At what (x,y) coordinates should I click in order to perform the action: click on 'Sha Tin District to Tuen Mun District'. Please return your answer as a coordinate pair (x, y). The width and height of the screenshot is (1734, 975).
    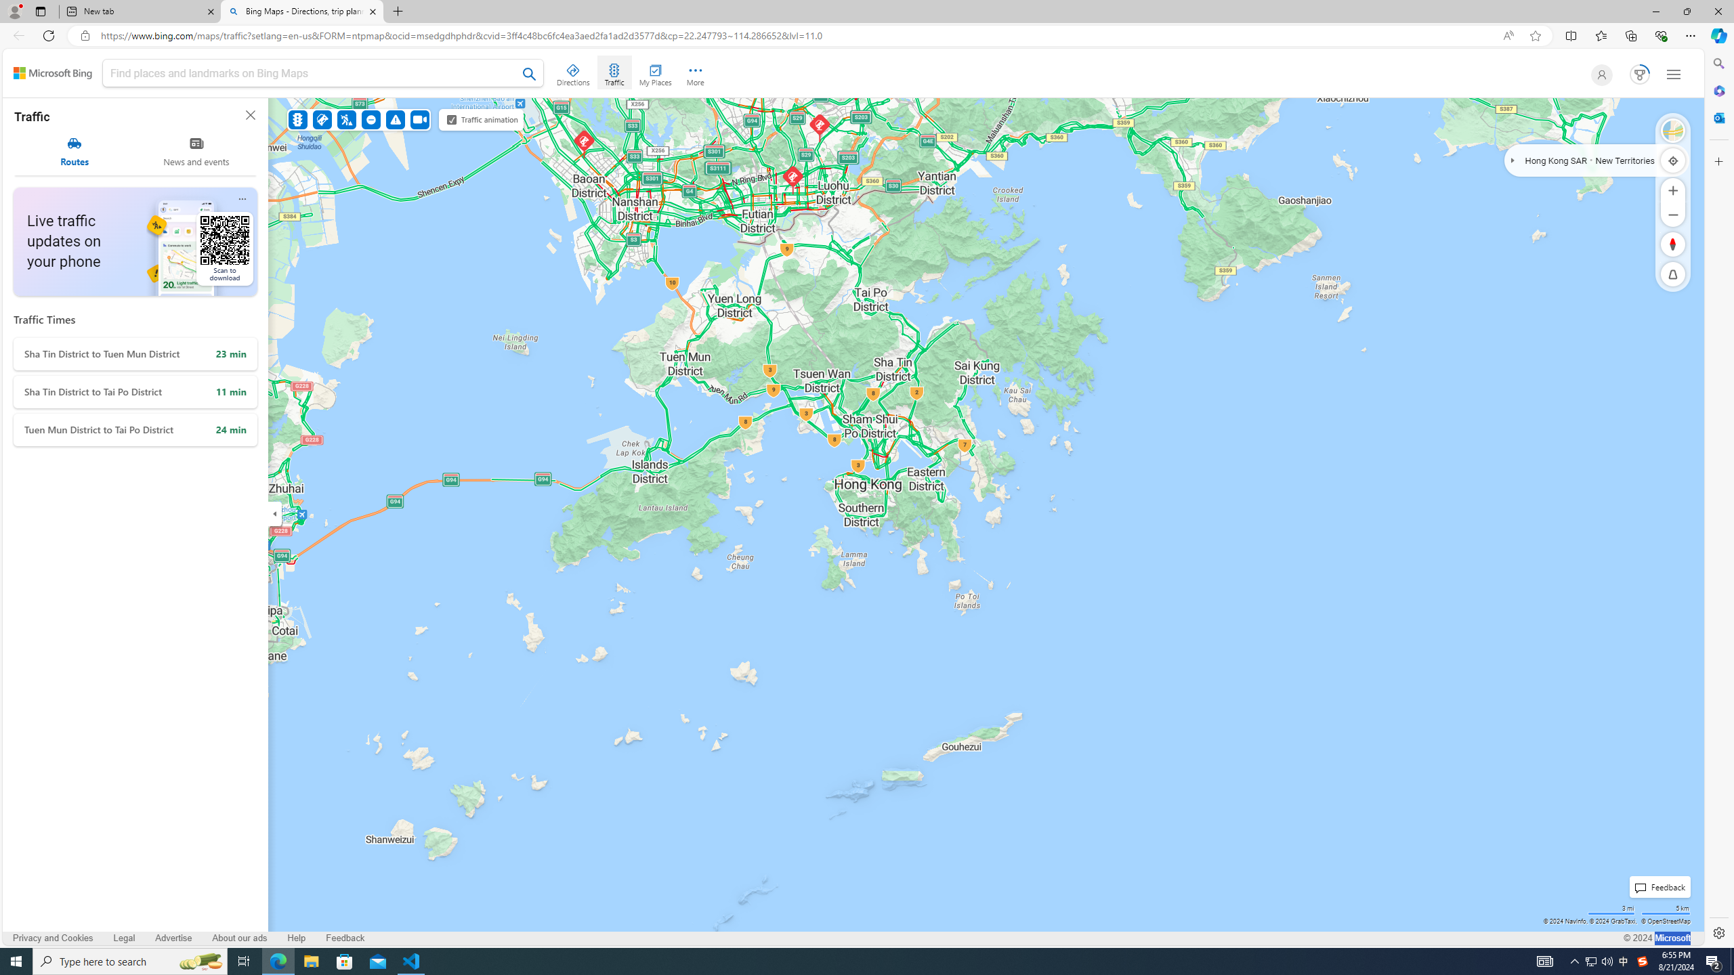
    Looking at the image, I should click on (135, 353).